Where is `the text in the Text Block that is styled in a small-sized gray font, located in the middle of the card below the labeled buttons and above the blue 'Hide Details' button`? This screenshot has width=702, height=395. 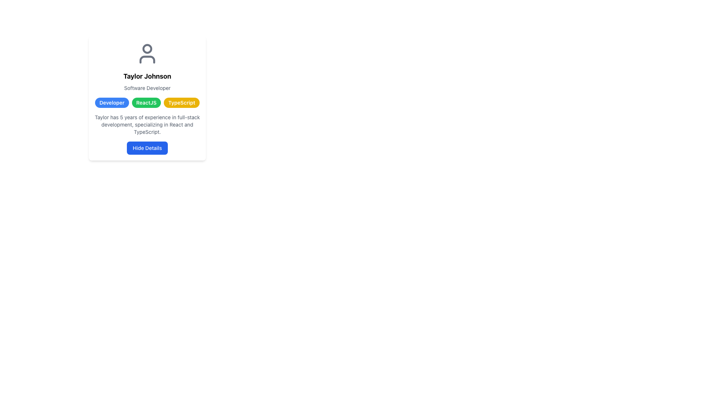
the text in the Text Block that is styled in a small-sized gray font, located in the middle of the card below the labeled buttons and above the blue 'Hide Details' button is located at coordinates (147, 124).